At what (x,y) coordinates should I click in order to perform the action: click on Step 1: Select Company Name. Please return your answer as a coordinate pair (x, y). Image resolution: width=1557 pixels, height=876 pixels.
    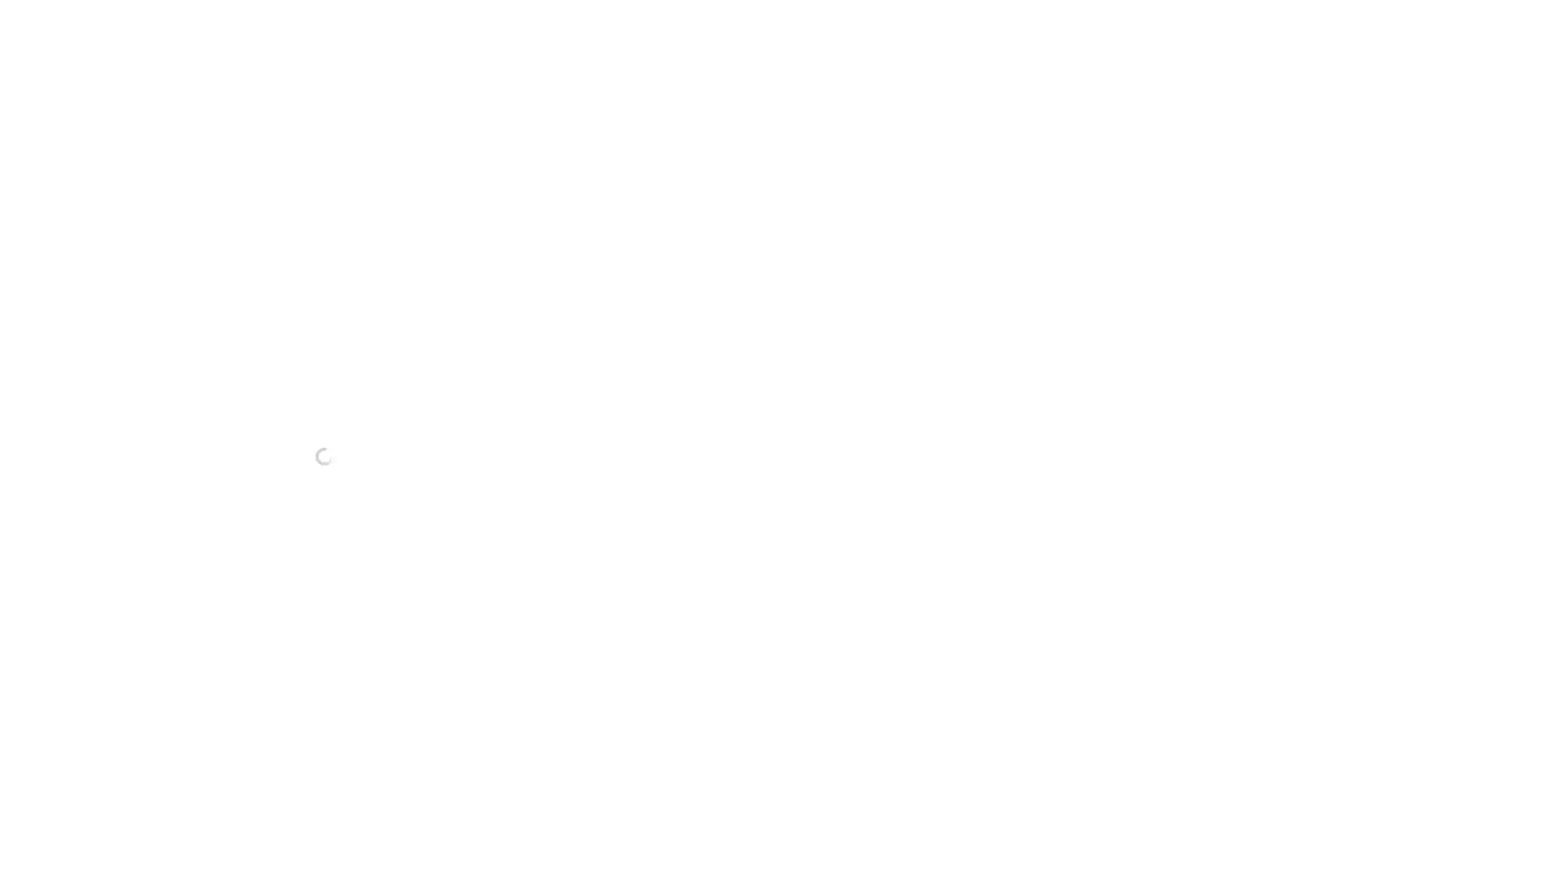
    Looking at the image, I should click on (778, 268).